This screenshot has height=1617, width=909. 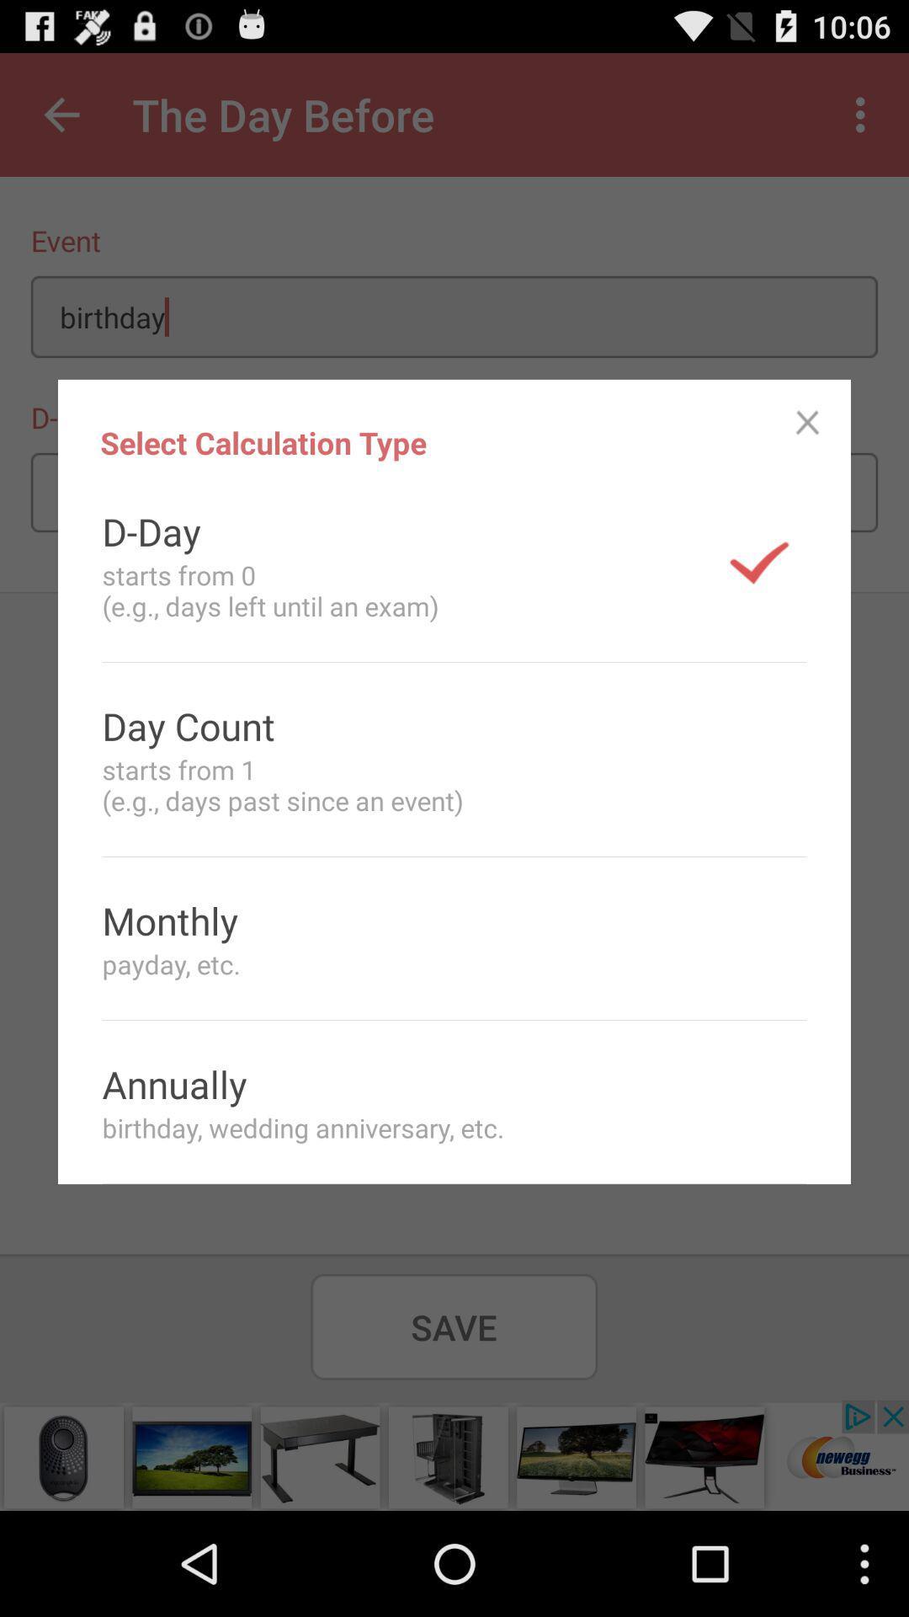 I want to click on item next to the select calculation type, so click(x=806, y=423).